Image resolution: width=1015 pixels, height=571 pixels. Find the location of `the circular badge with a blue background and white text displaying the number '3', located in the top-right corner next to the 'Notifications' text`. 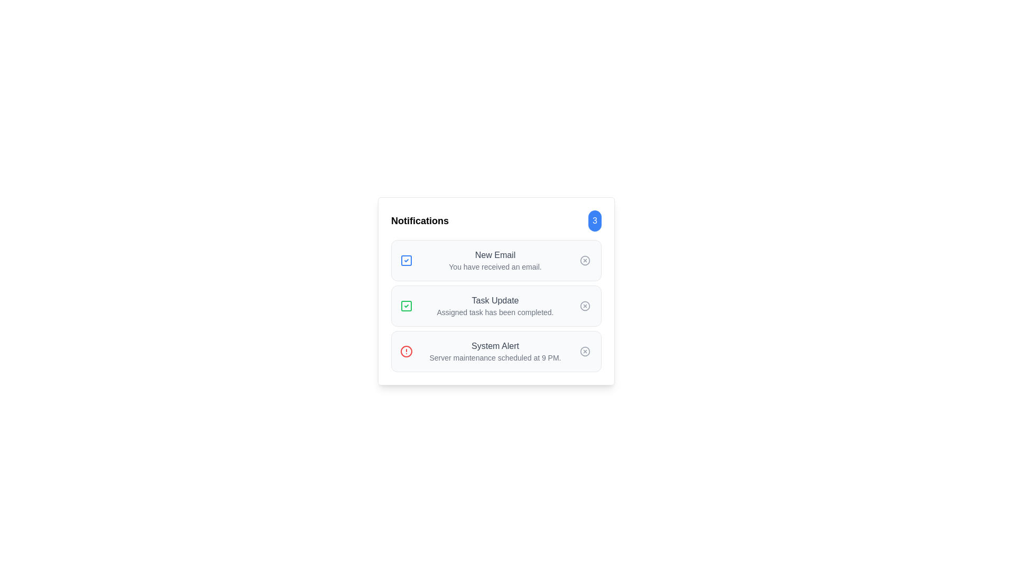

the circular badge with a blue background and white text displaying the number '3', located in the top-right corner next to the 'Notifications' text is located at coordinates (595, 220).